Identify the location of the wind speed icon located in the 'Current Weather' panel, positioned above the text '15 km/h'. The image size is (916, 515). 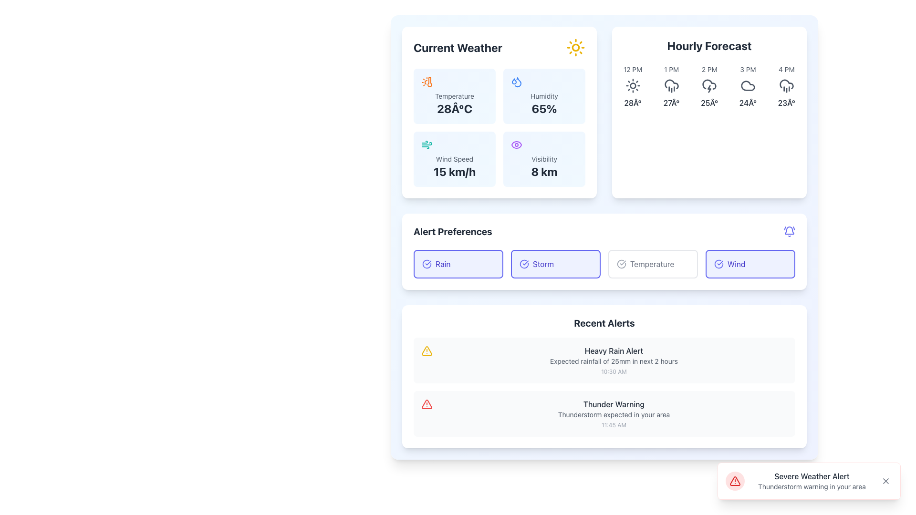
(426, 145).